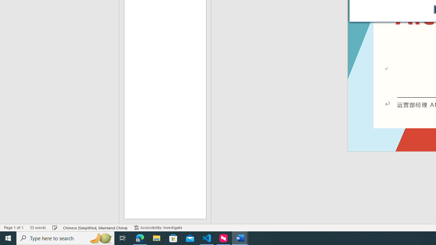 The width and height of the screenshot is (436, 245). I want to click on 'Microsoft Edge - 1 running window', so click(140, 238).